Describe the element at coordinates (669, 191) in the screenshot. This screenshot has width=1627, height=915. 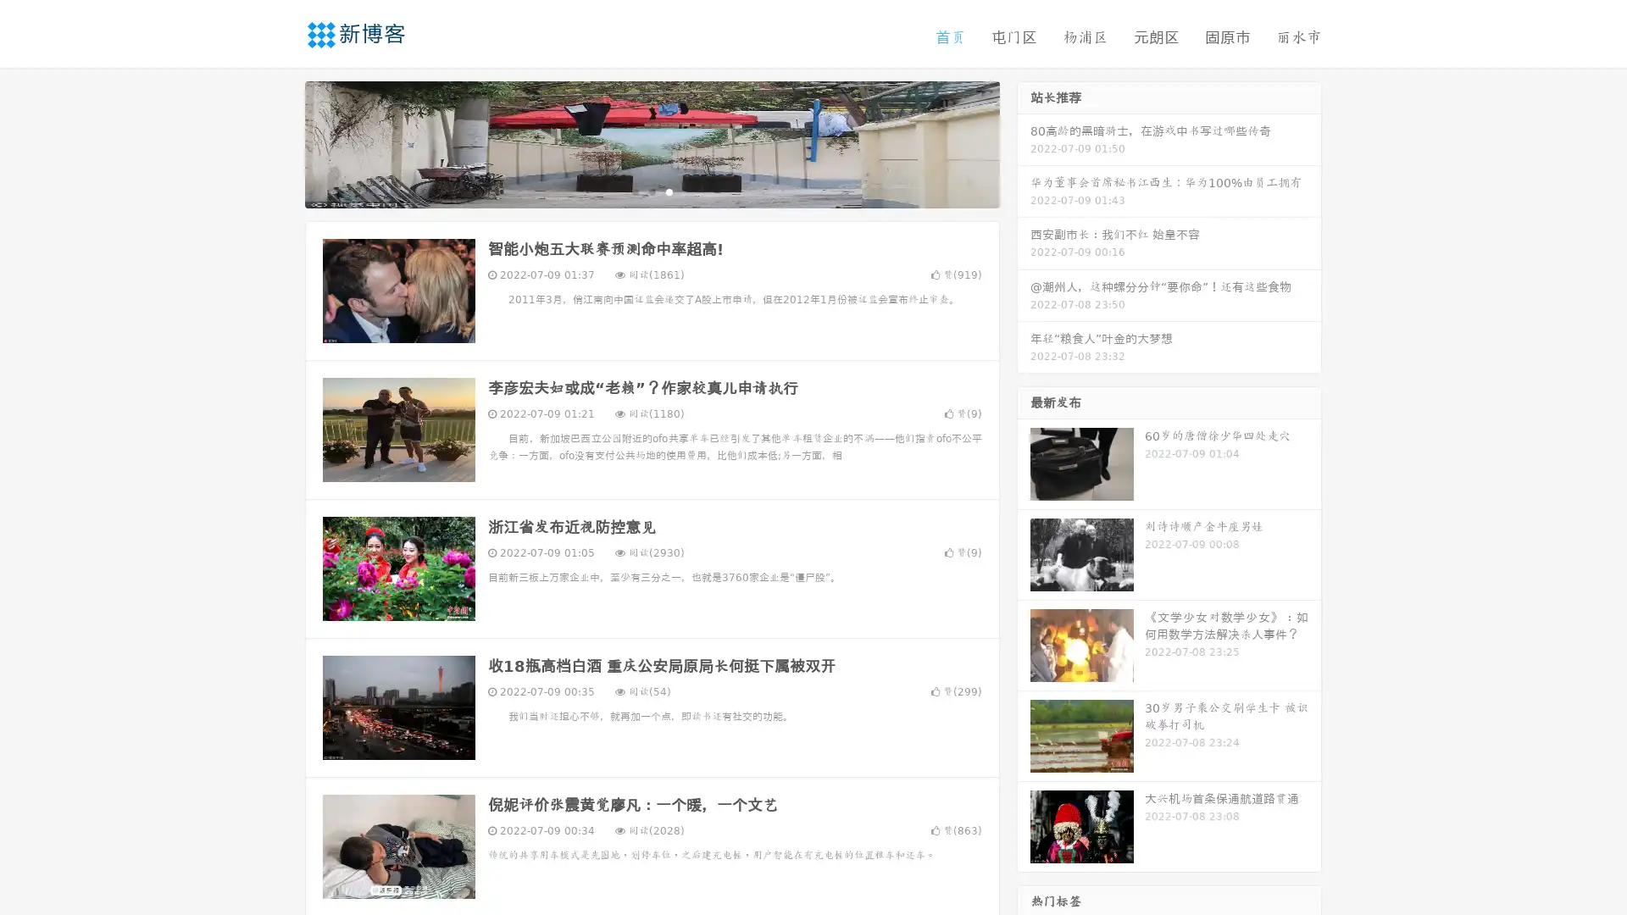
I see `Go to slide 3` at that location.